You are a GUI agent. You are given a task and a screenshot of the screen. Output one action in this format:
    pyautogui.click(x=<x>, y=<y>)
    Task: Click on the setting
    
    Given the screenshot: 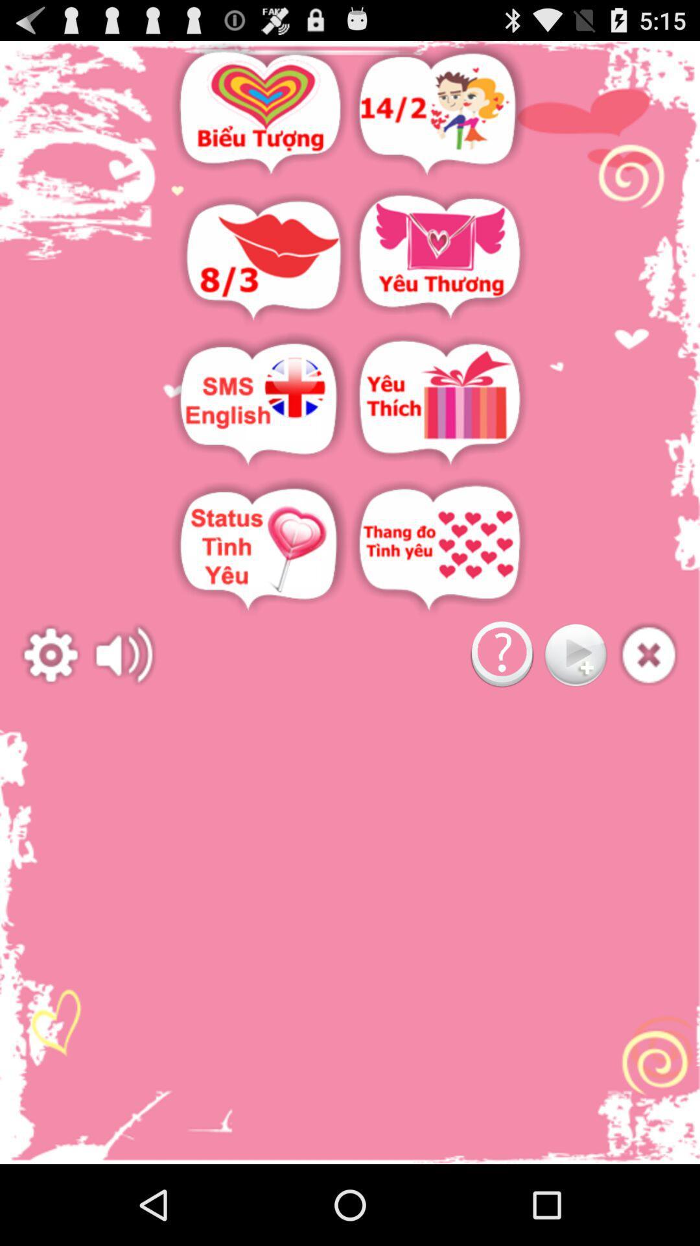 What is the action you would take?
    pyautogui.click(x=50, y=655)
    